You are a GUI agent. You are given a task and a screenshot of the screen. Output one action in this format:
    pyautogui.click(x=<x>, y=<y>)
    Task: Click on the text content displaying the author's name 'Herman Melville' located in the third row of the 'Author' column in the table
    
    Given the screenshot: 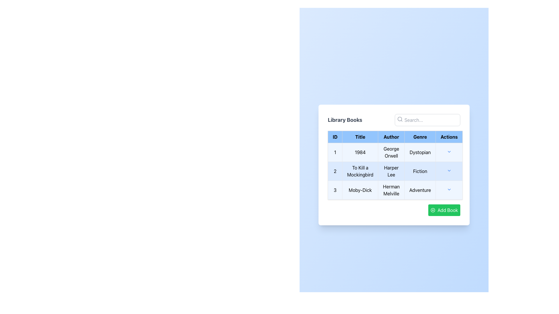 What is the action you would take?
    pyautogui.click(x=395, y=190)
    